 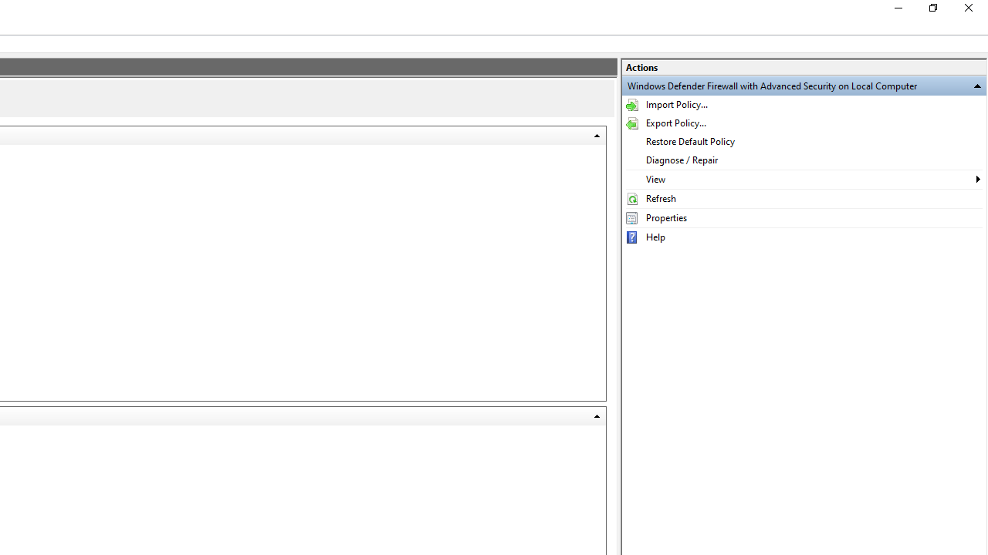 I want to click on 'Export Policy...', so click(x=803, y=123).